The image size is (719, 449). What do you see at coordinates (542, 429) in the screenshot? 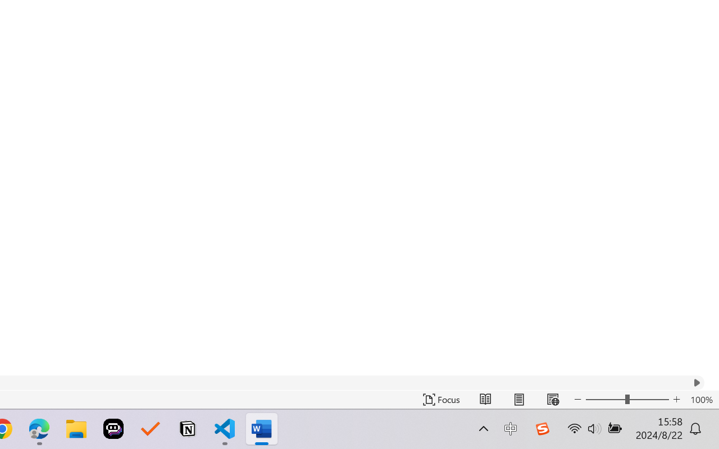
I see `'Class: Image'` at bounding box center [542, 429].